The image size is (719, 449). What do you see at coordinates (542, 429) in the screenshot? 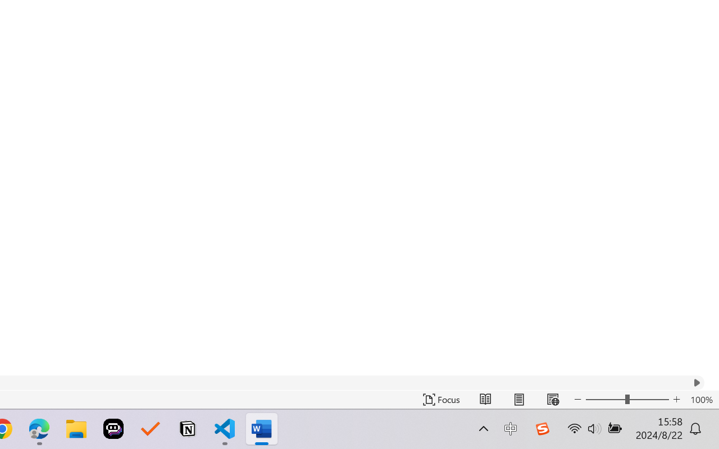
I see `'Class: Image'` at bounding box center [542, 429].